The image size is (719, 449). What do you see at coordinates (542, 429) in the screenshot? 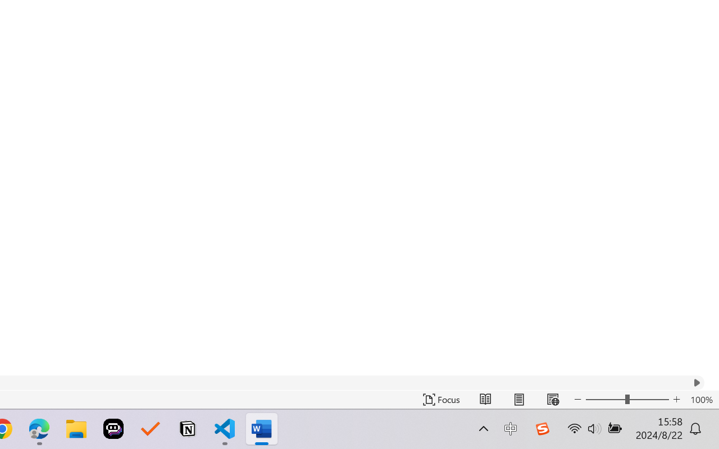
I see `'Class: Image'` at bounding box center [542, 429].